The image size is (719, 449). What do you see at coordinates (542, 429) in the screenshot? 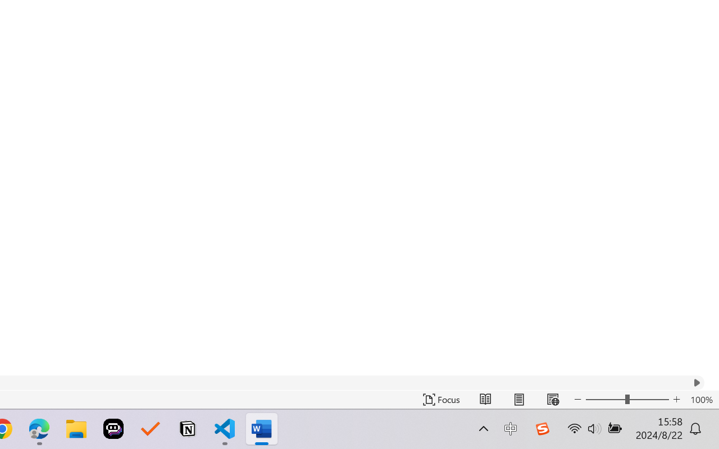
I see `'Class: Image'` at bounding box center [542, 429].